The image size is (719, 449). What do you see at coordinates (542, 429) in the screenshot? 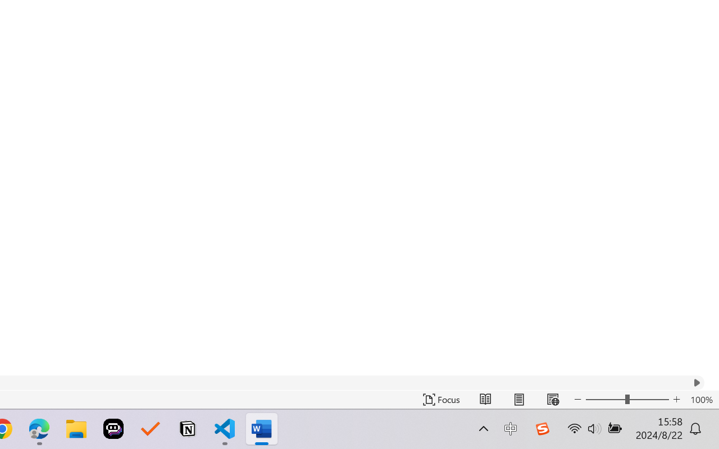
I see `'Class: Image'` at bounding box center [542, 429].